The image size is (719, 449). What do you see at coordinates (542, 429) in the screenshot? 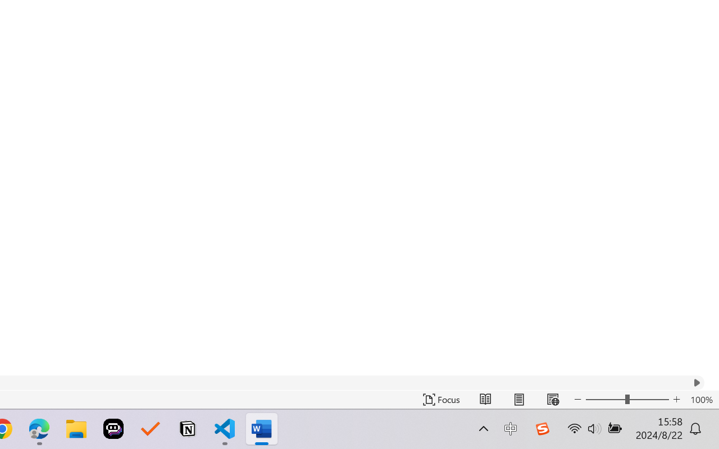
I see `'Class: Image'` at bounding box center [542, 429].